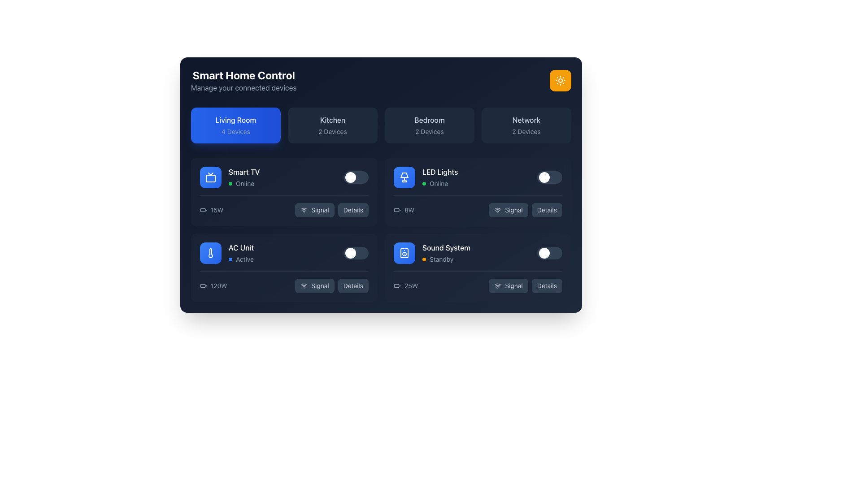 The image size is (861, 484). I want to click on the toggle switch for the 'Smart TV' device located in the upper-left quadrant of the smart home dashboard, so click(355, 177).